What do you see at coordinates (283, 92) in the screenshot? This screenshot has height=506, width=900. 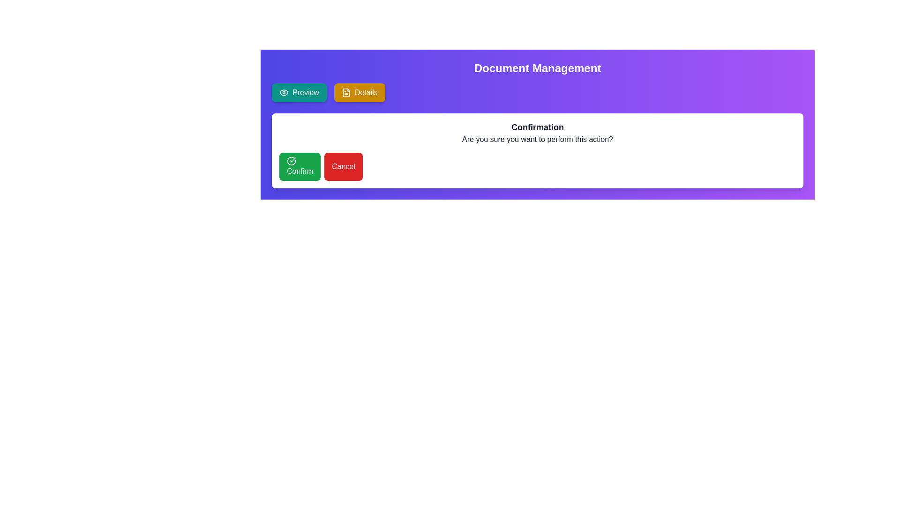 I see `the small eye-shaped icon with a circular outline and a center dot, which is embedded within the 'Preview' button located in the top left corner of the interface section` at bounding box center [283, 92].